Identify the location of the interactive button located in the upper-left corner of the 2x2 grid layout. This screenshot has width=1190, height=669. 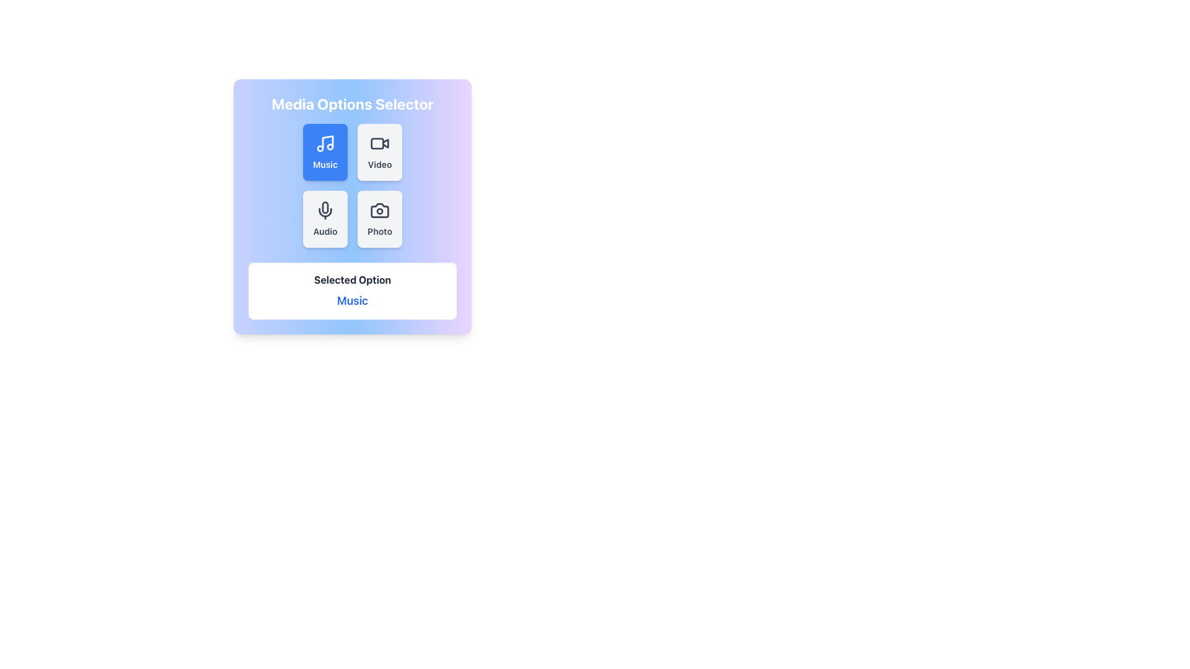
(325, 152).